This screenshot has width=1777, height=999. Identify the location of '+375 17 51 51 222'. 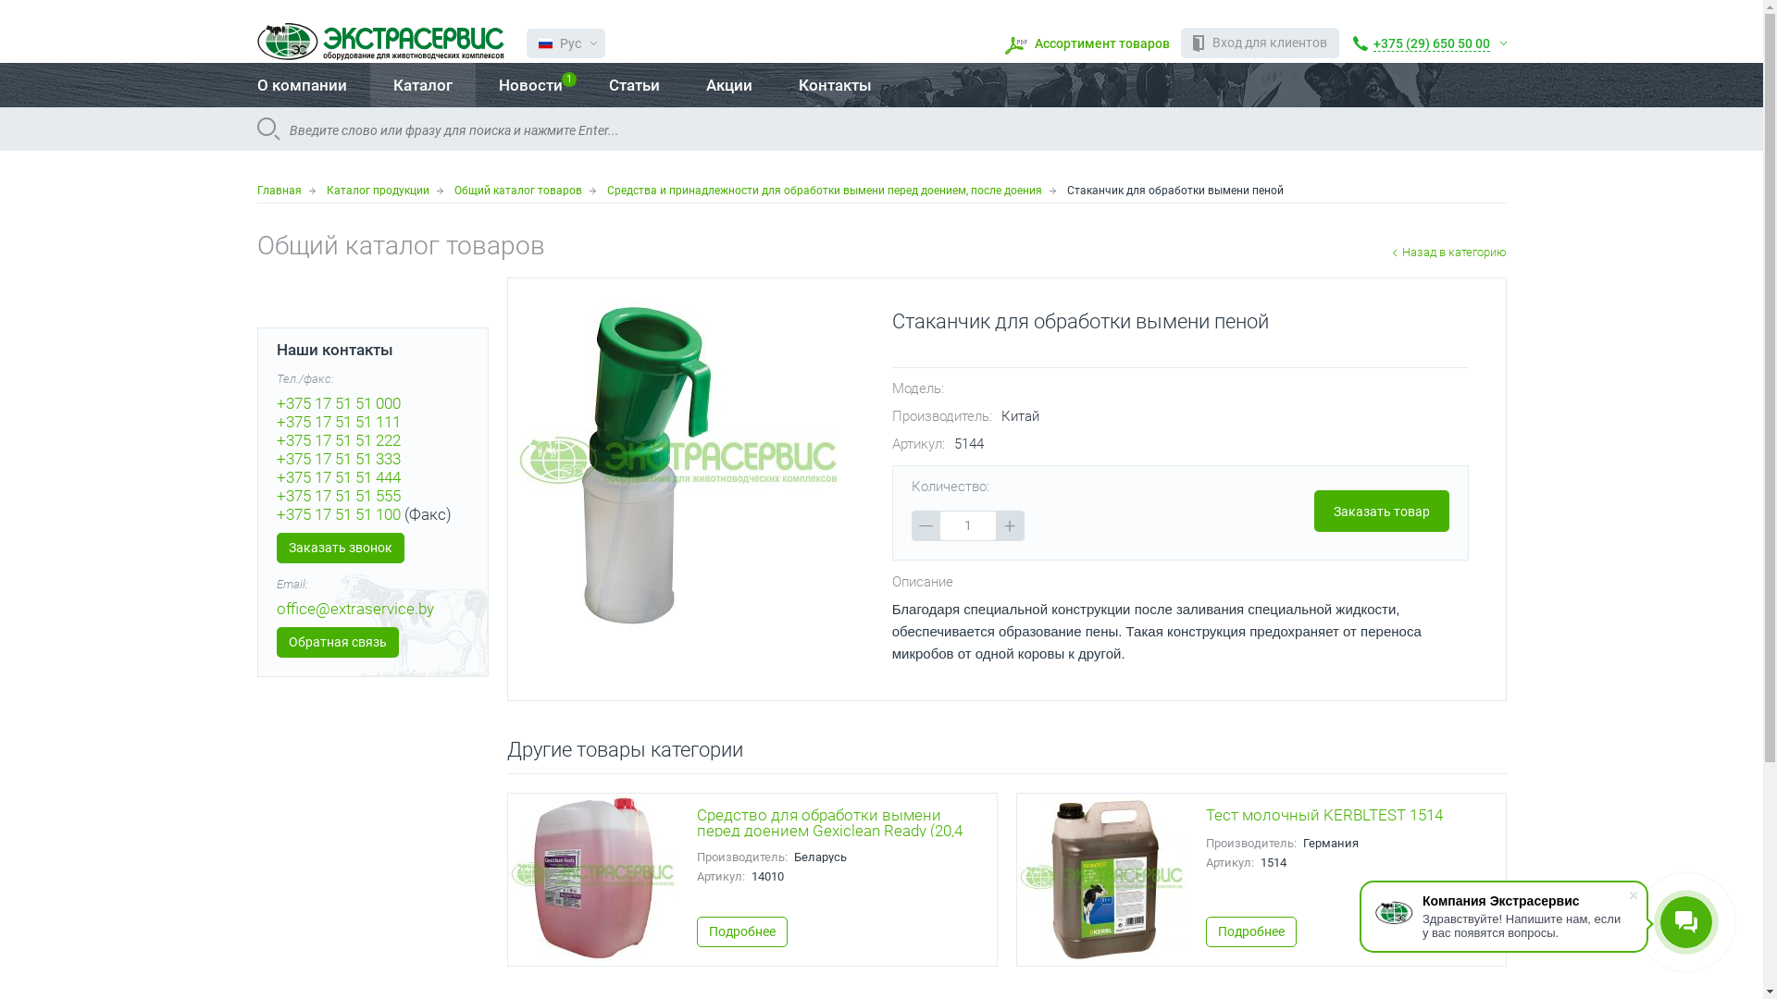
(274, 439).